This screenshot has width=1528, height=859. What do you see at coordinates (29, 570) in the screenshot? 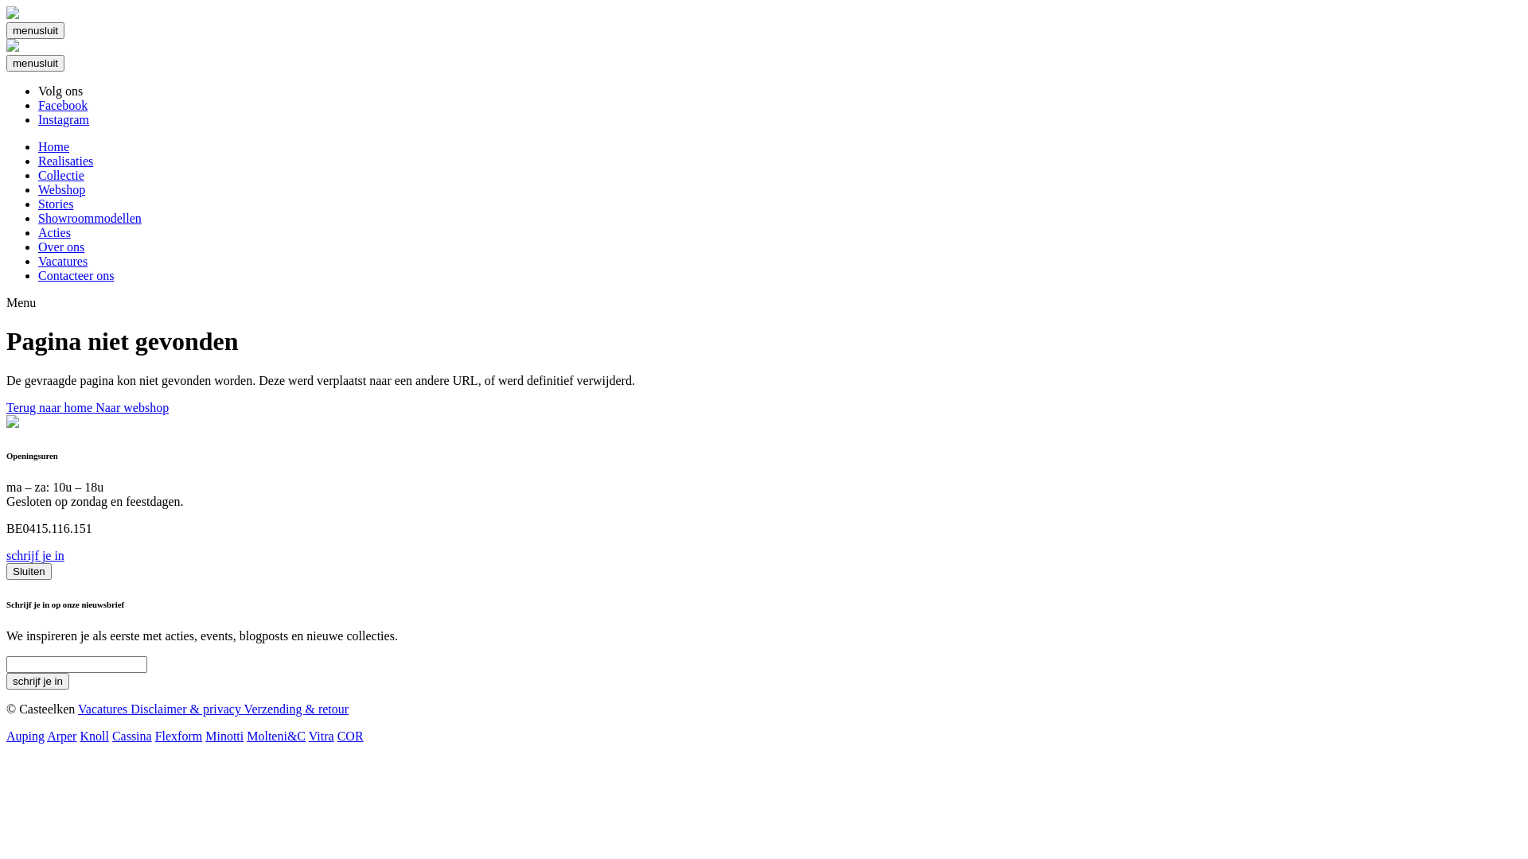
I see `'Sluiten'` at bounding box center [29, 570].